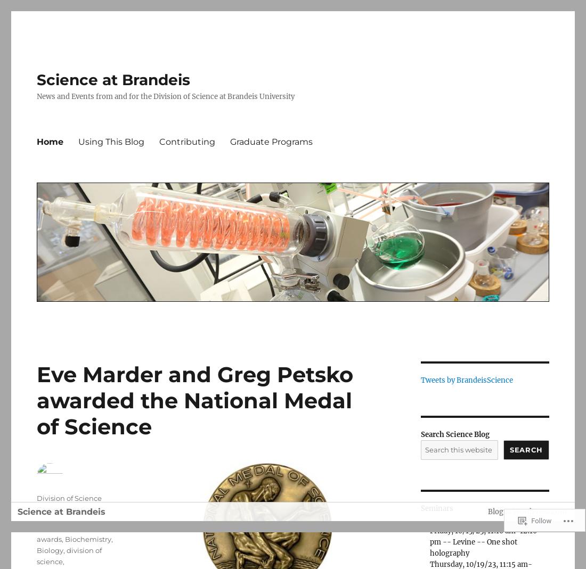 The image size is (586, 569). I want to click on 'Home', so click(36, 141).